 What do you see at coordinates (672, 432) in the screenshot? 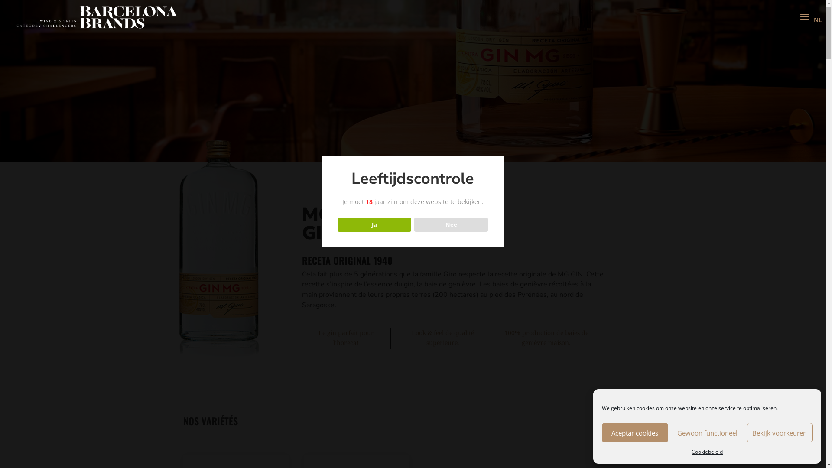
I see `'Gewoon functioneel'` at bounding box center [672, 432].